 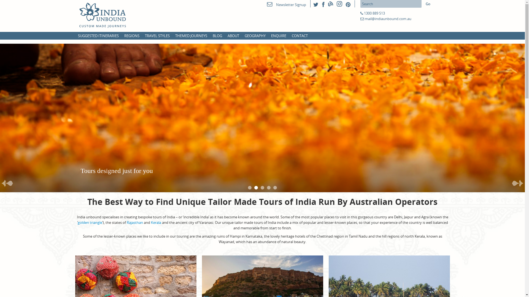 What do you see at coordinates (98, 36) in the screenshot?
I see `'SUGGESTED ITINERARIES'` at bounding box center [98, 36].